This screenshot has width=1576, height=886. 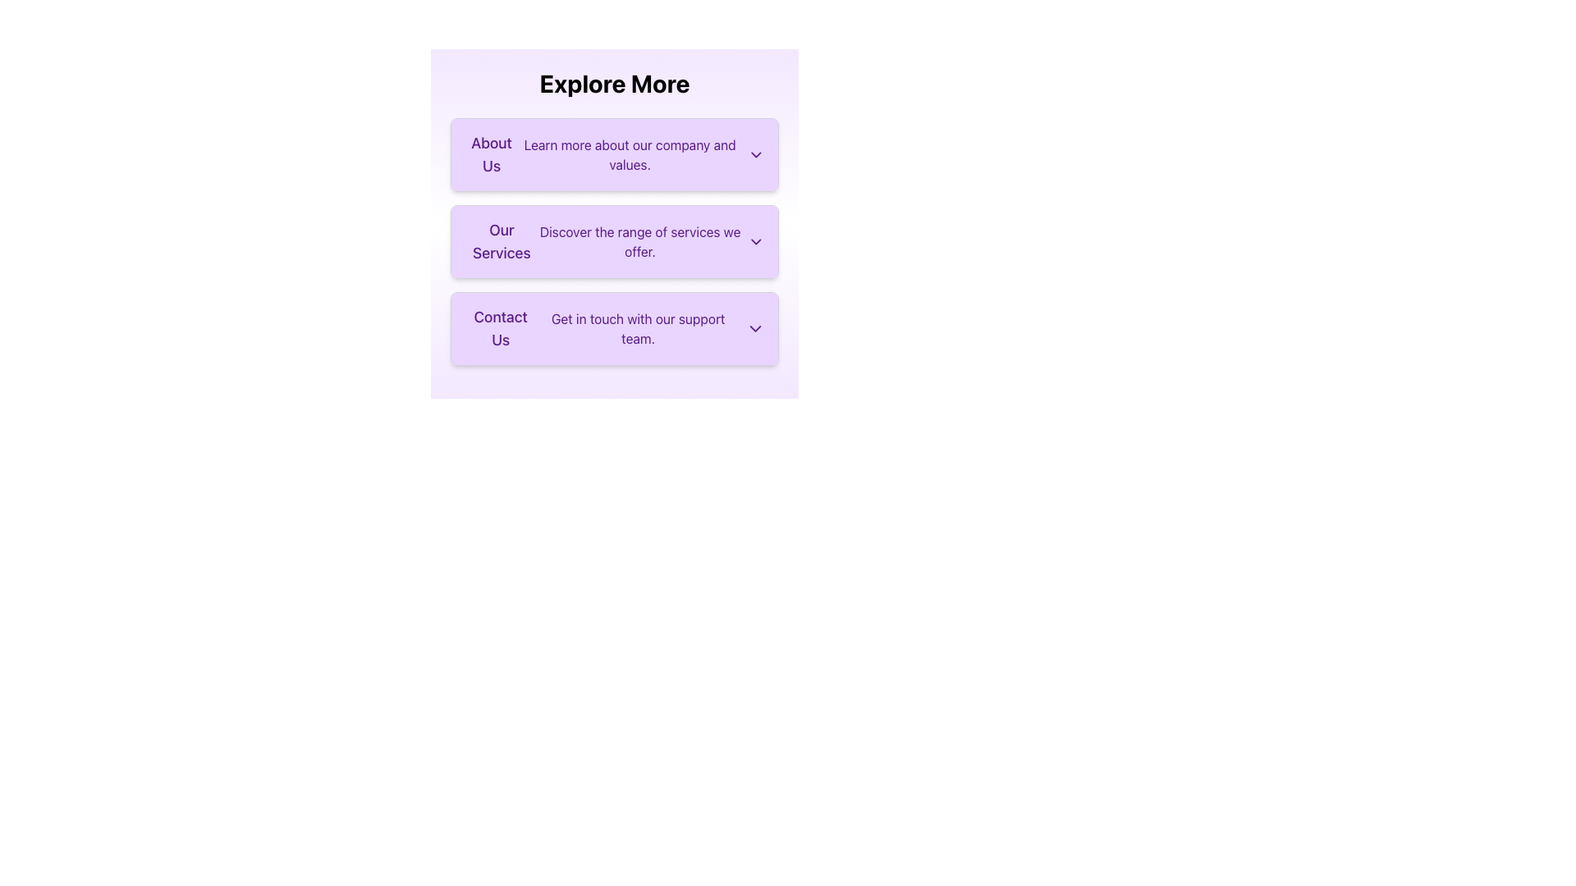 I want to click on the clickable card labeled 'Our Services' which has a purple background and is positioned between 'About Us' and 'Contact Us' in the 'Explore More' section, so click(x=613, y=241).